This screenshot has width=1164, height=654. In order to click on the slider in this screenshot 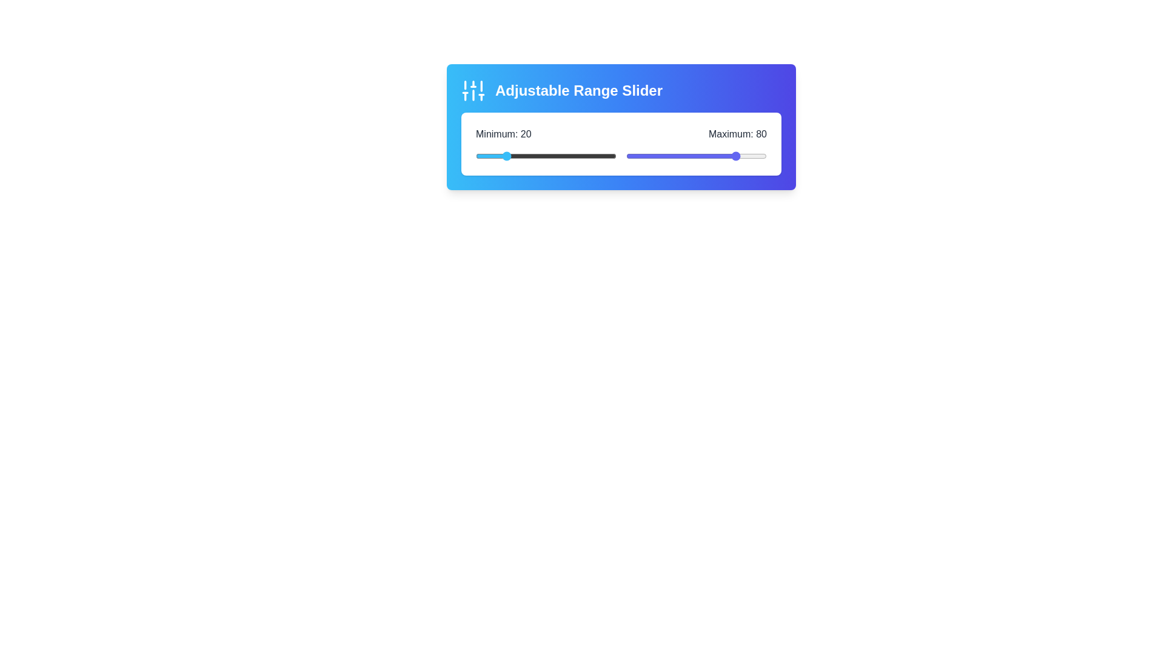, I will do `click(711, 156)`.